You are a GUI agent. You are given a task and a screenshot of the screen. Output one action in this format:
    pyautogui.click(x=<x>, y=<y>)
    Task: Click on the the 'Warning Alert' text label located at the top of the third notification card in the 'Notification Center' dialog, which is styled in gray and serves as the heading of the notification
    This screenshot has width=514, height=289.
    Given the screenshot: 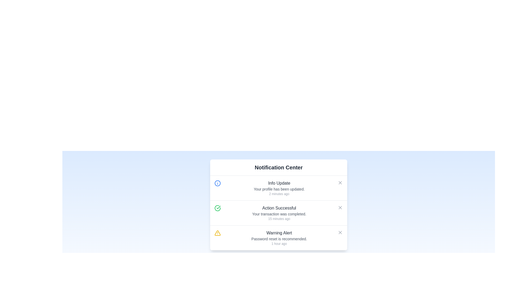 What is the action you would take?
    pyautogui.click(x=279, y=233)
    